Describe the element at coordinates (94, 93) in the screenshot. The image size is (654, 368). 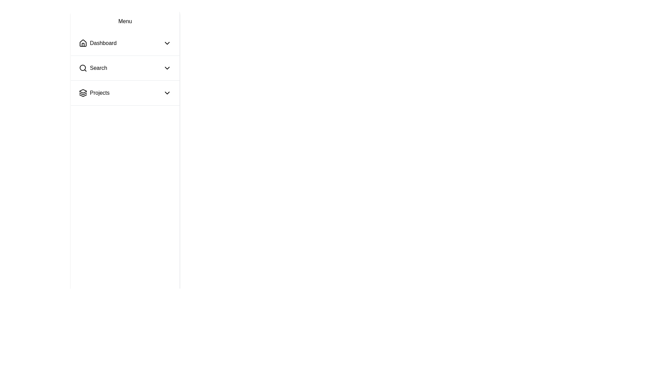
I see `label of the menu entry labeled 'Projects', which is the third item in the menu after 'Dashboard' and 'Search'` at that location.